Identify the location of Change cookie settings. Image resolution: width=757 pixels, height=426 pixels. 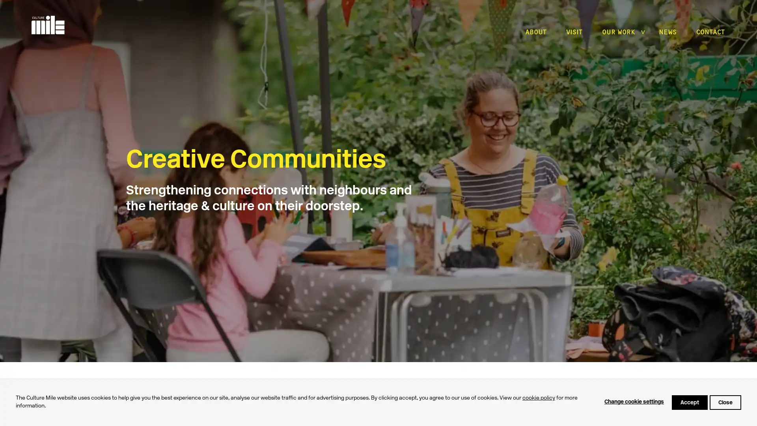
(634, 402).